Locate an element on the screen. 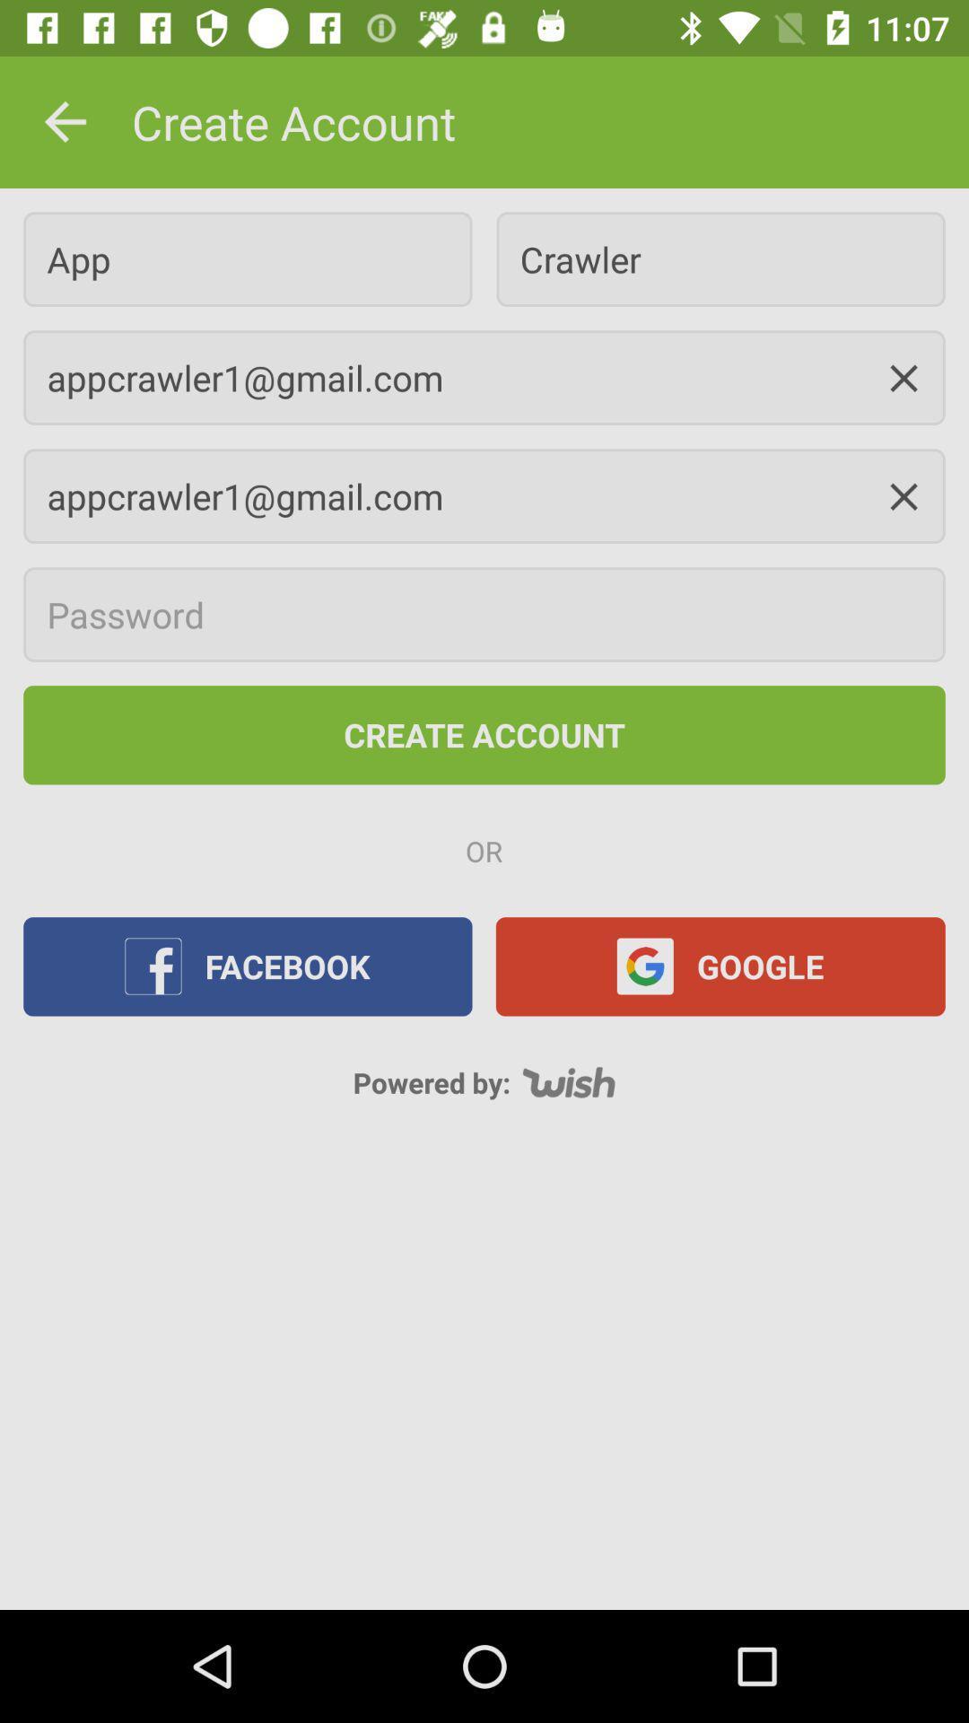 This screenshot has width=969, height=1723. item next to the crawler is located at coordinates (248, 258).